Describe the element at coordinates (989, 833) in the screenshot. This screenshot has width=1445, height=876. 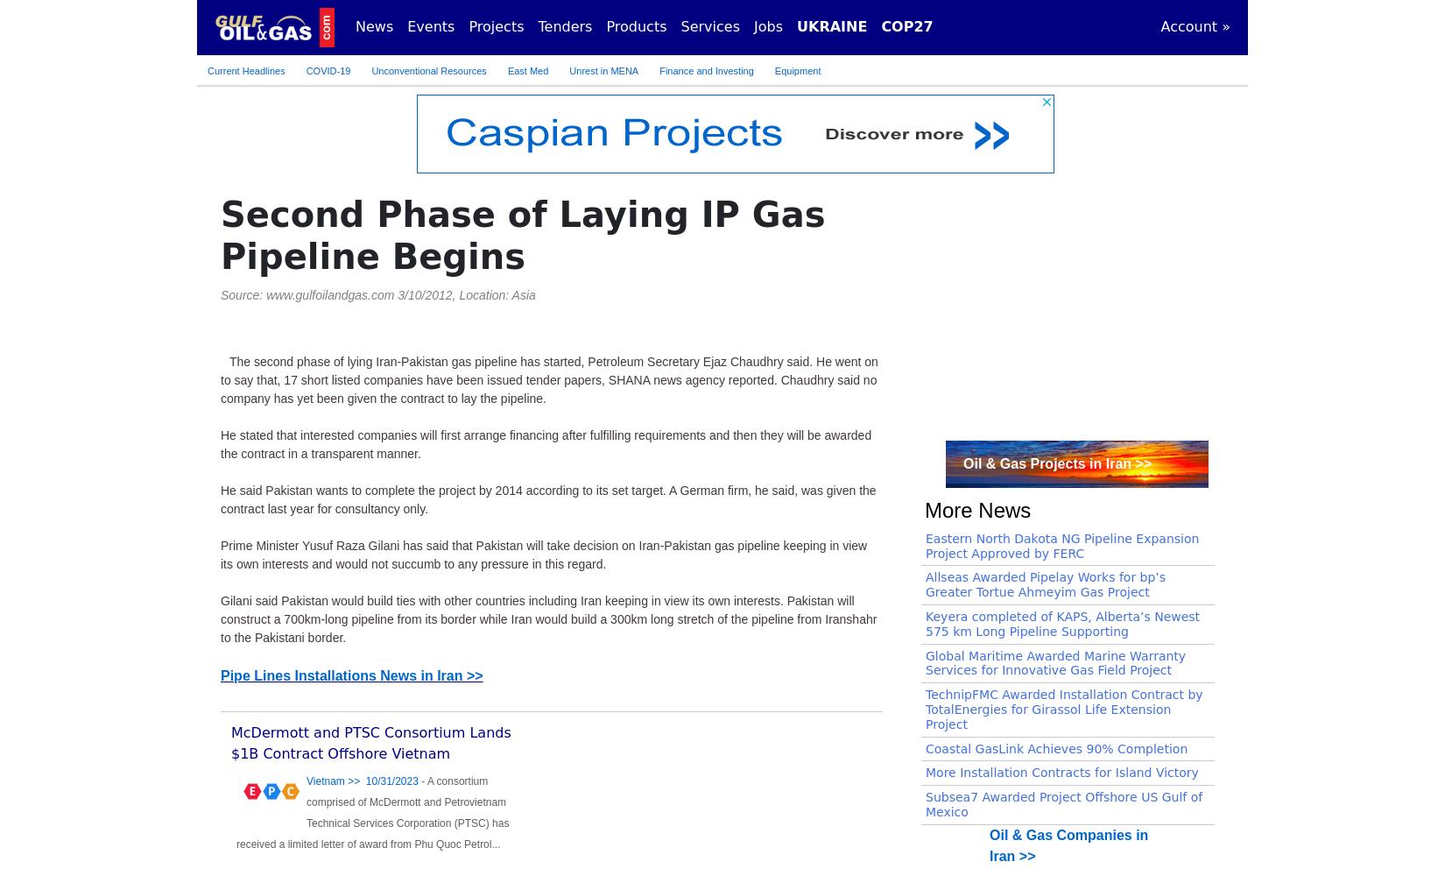
I see `'Oil & Gas Companies in'` at that location.